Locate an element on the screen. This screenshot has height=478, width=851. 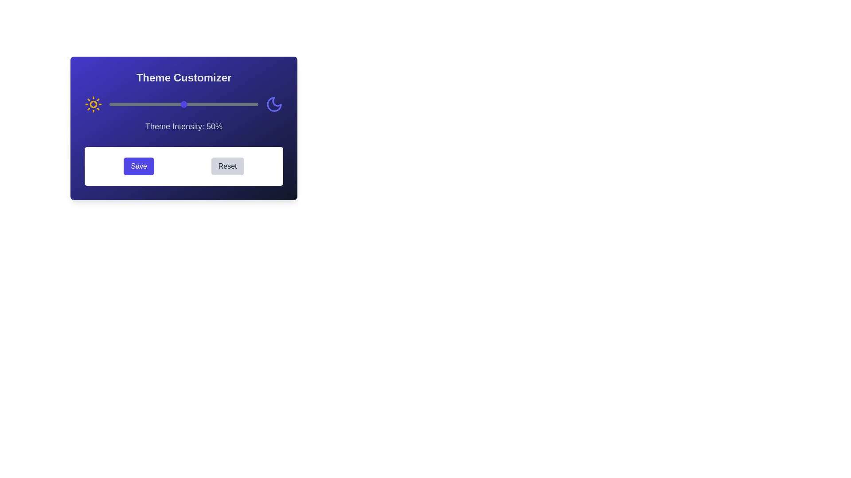
the theme intensity slider to 86% is located at coordinates (237, 104).